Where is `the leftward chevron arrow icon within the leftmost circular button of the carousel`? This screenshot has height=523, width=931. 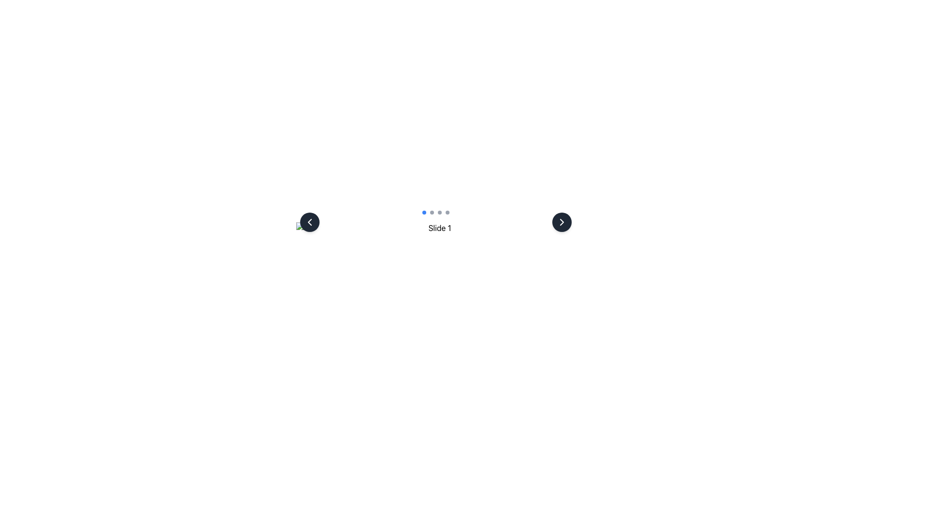 the leftward chevron arrow icon within the leftmost circular button of the carousel is located at coordinates (309, 222).